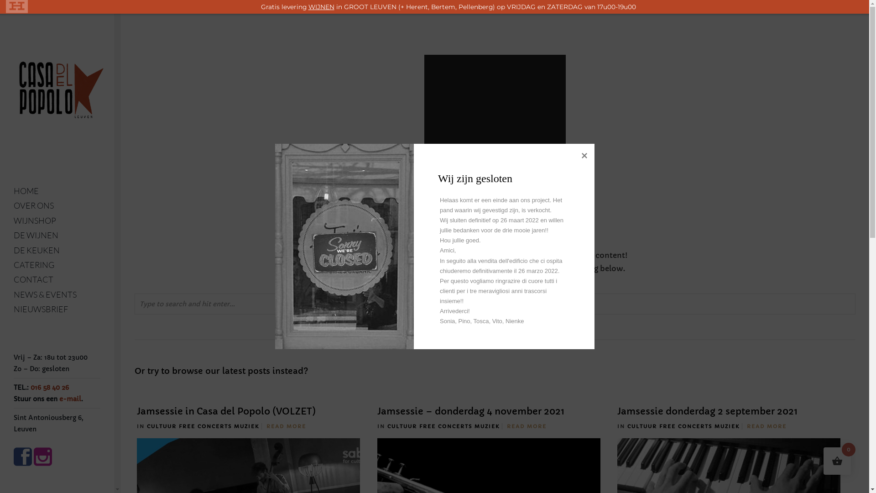  Describe the element at coordinates (162, 426) in the screenshot. I see `'CULTUUR'` at that location.